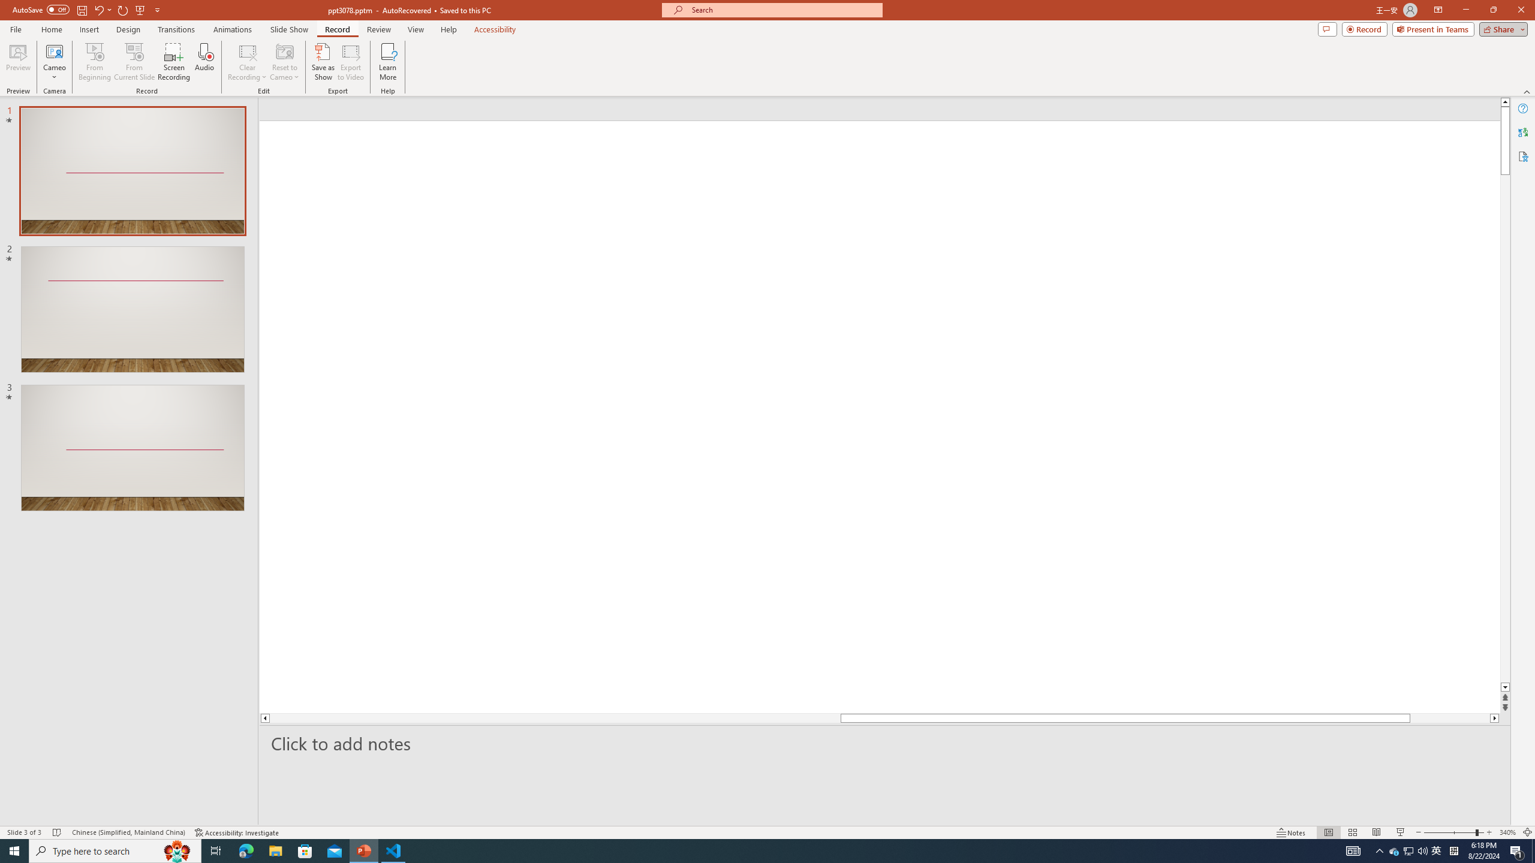 Image resolution: width=1535 pixels, height=863 pixels. What do you see at coordinates (388, 62) in the screenshot?
I see `'Learn More'` at bounding box center [388, 62].